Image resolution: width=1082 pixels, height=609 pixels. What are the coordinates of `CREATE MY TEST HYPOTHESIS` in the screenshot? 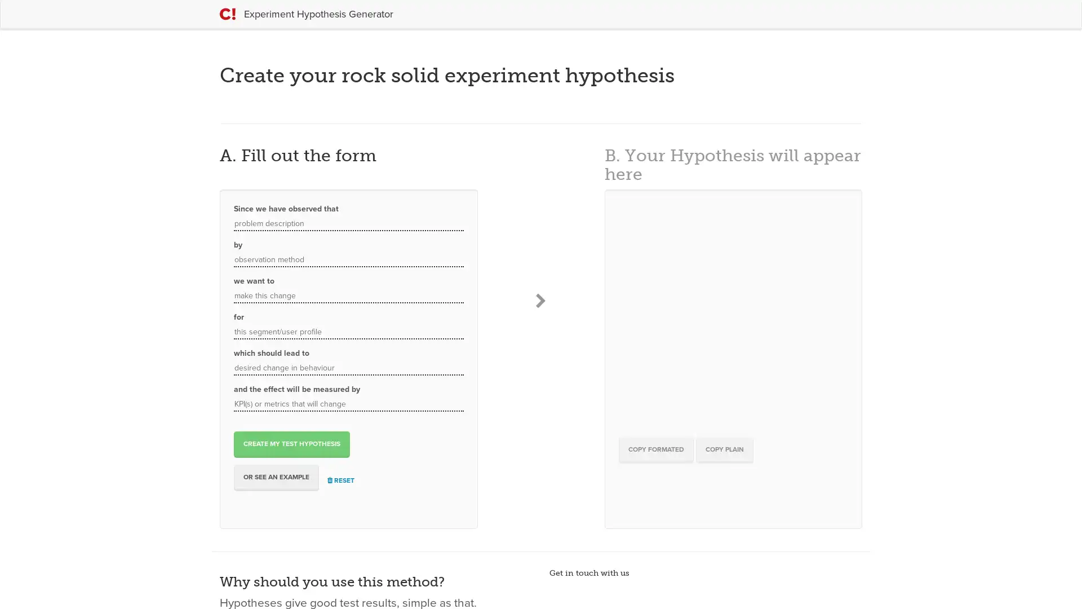 It's located at (292, 443).